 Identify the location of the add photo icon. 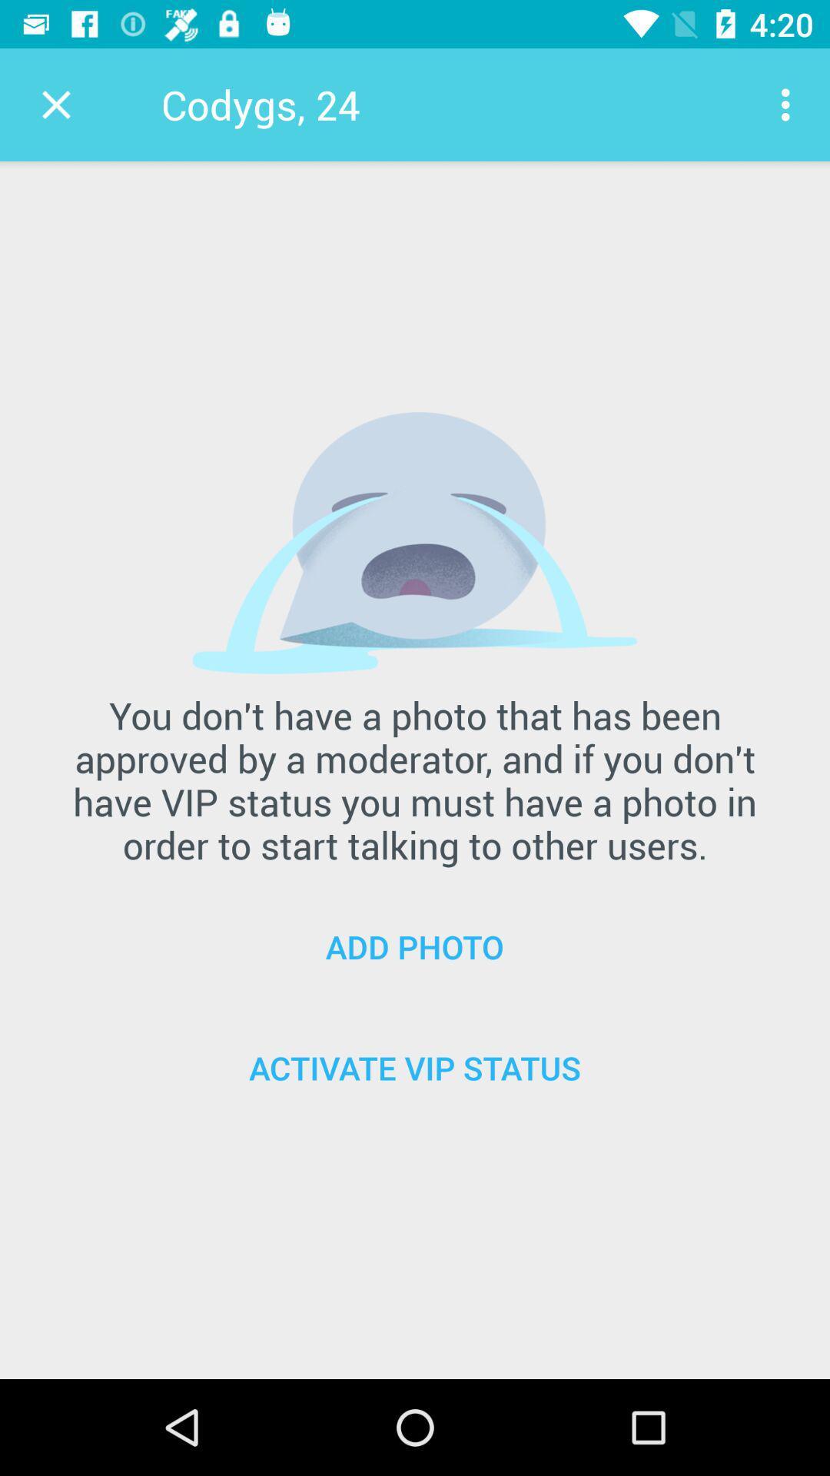
(415, 946).